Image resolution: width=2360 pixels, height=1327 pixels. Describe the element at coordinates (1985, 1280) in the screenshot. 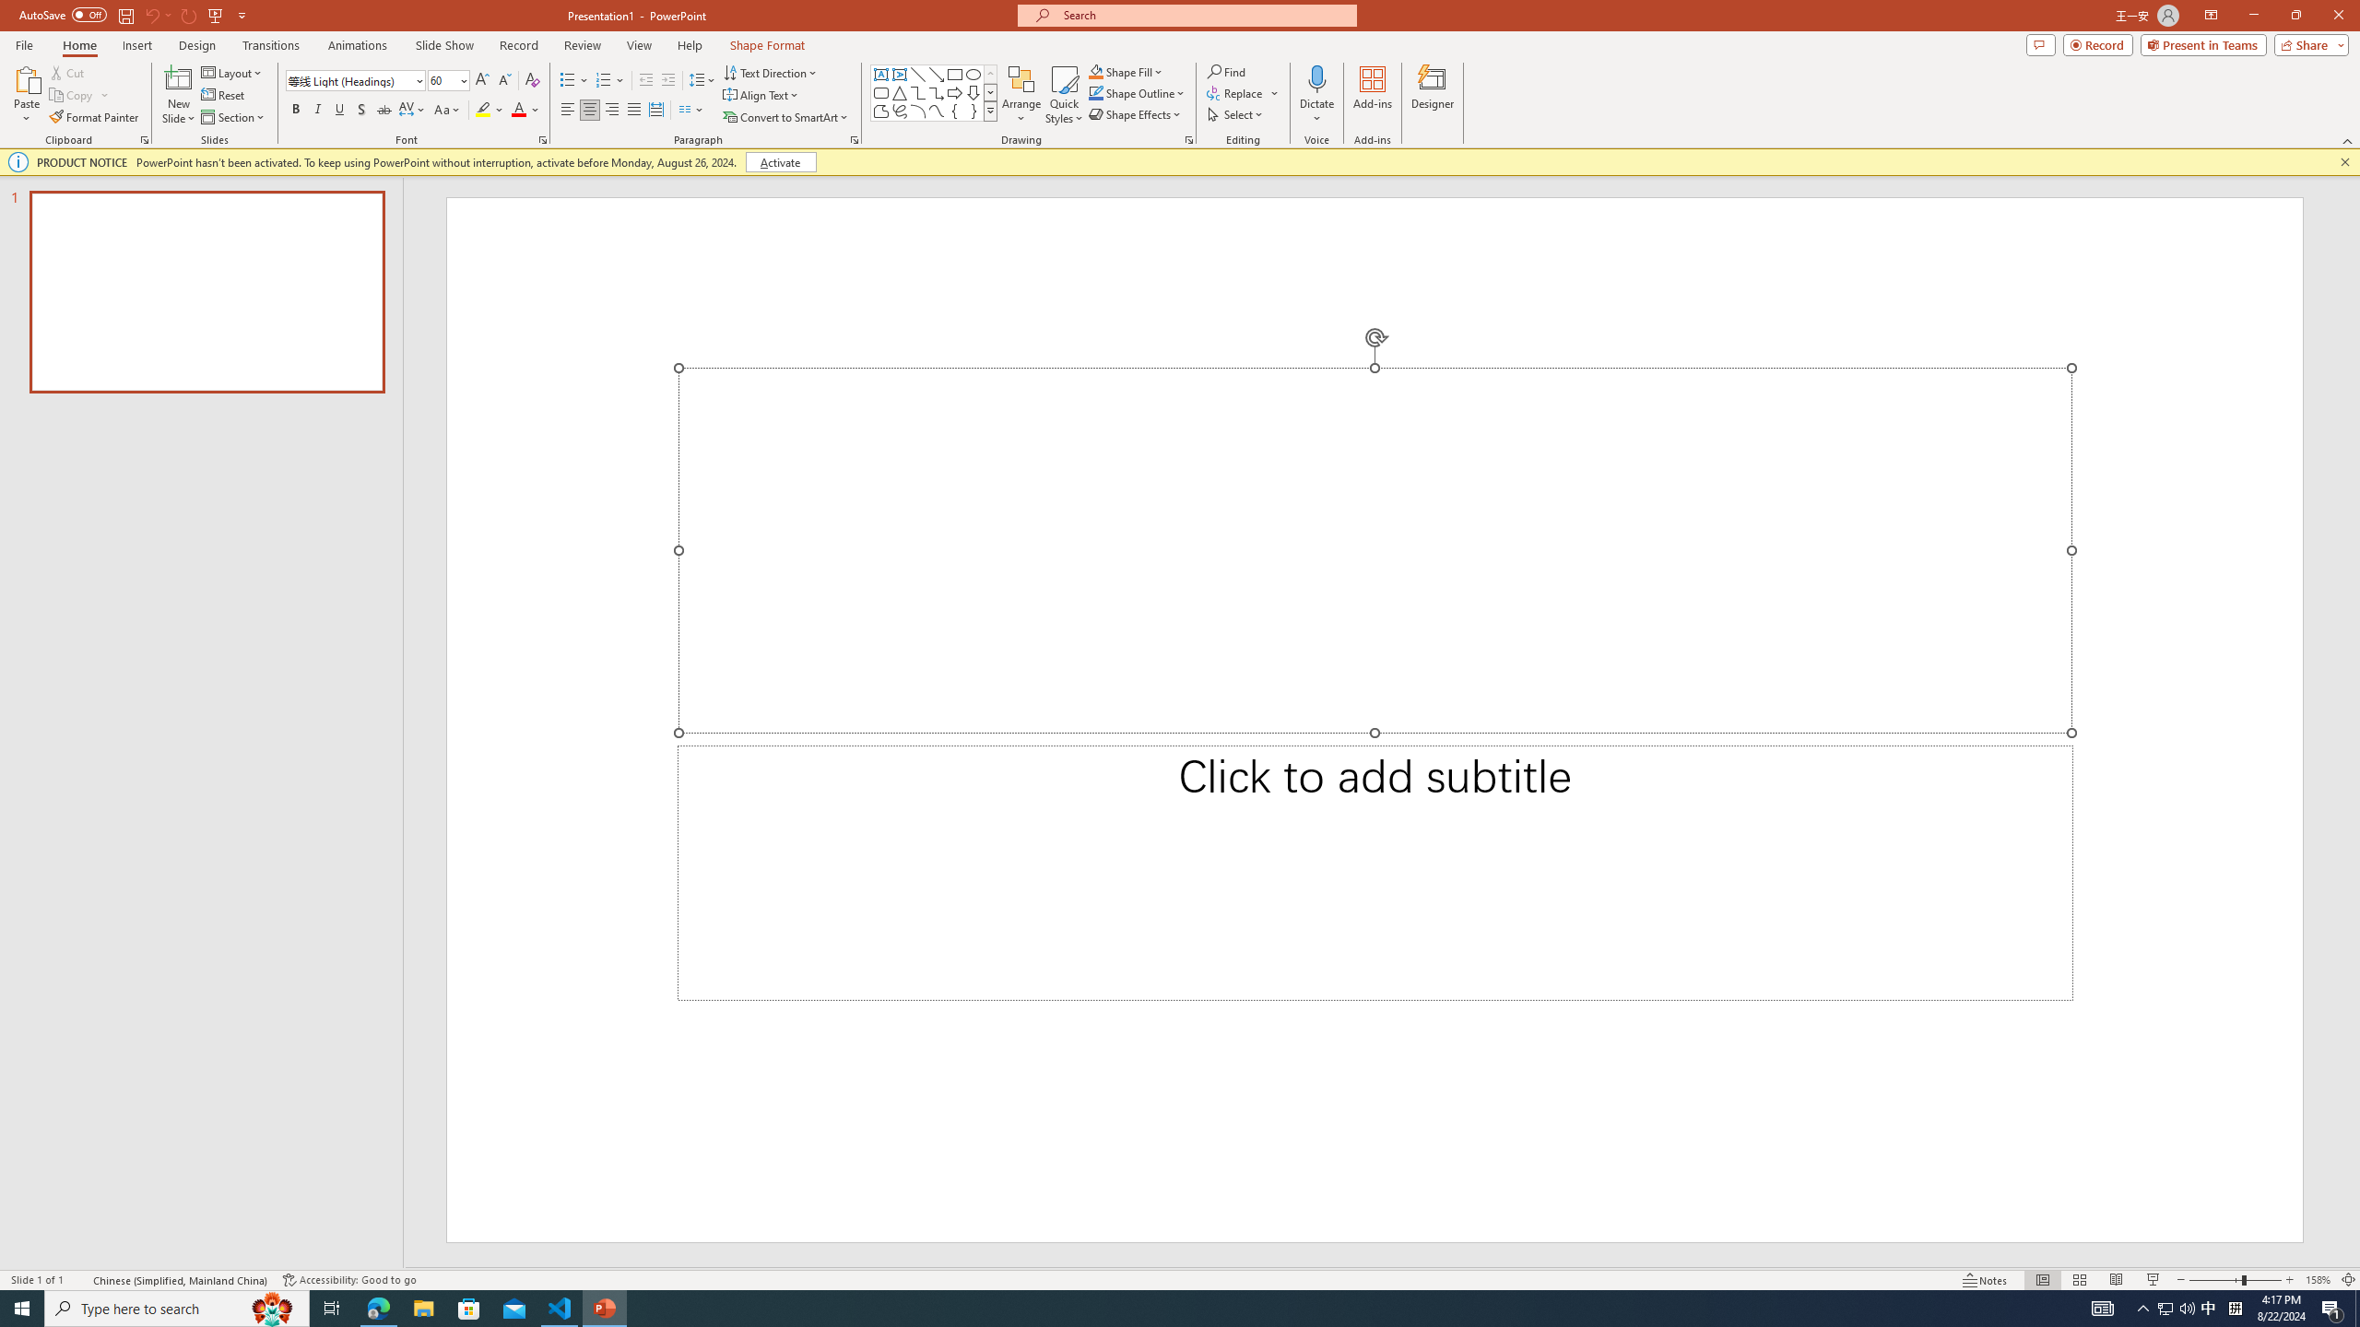

I see `'Notes '` at that location.